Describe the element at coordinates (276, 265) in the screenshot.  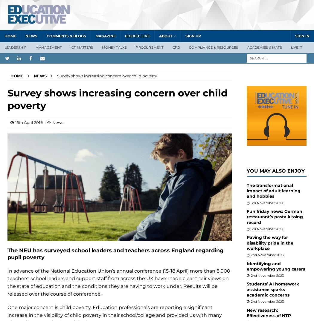
I see `'Identifying and empowering young carers'` at that location.